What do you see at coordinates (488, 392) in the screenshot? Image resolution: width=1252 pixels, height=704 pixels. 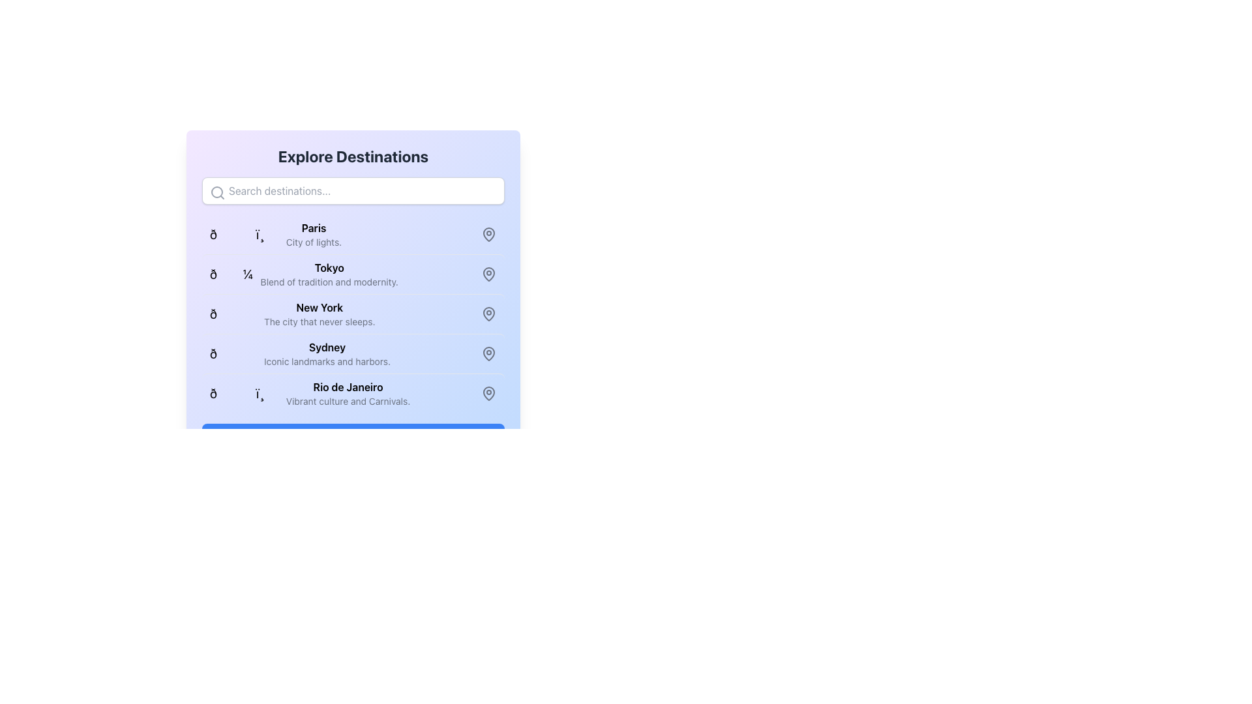 I see `the teardrop-shaped gray pin icon representing a location marker in the Rio de Janeiro list item` at bounding box center [488, 392].